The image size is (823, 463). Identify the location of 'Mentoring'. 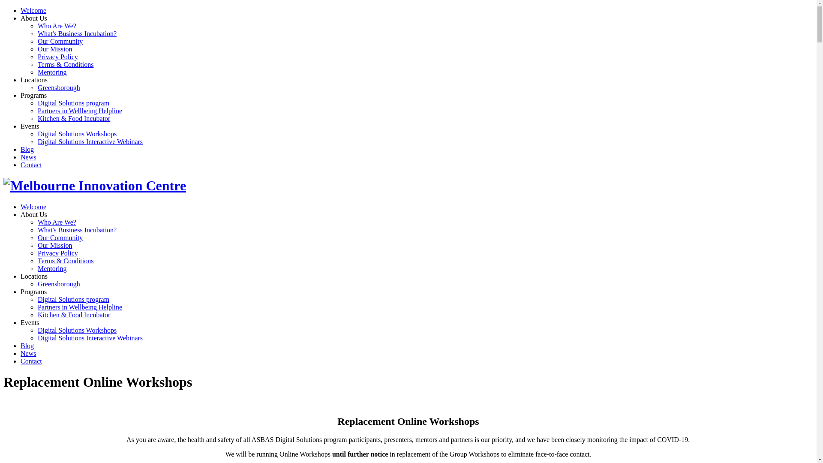
(51, 268).